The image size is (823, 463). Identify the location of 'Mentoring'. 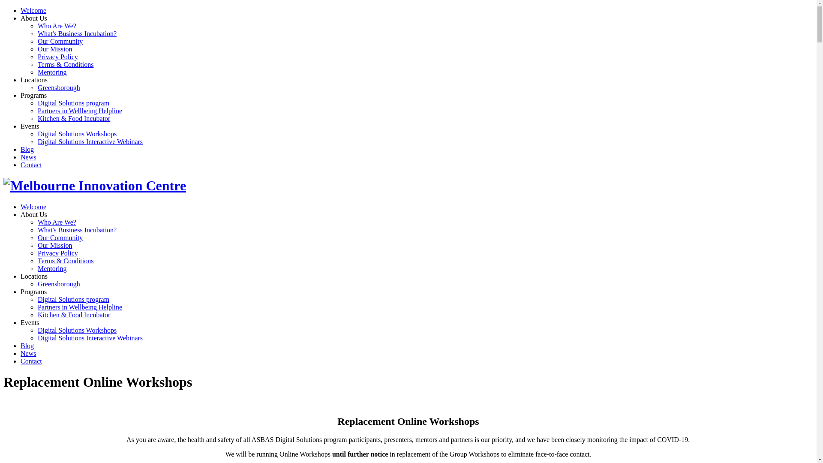
(51, 268).